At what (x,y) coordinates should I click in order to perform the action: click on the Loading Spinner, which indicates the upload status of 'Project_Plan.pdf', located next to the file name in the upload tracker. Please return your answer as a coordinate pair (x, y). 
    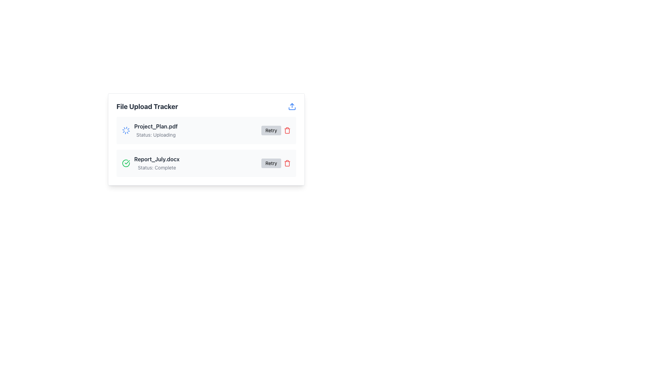
    Looking at the image, I should click on (126, 130).